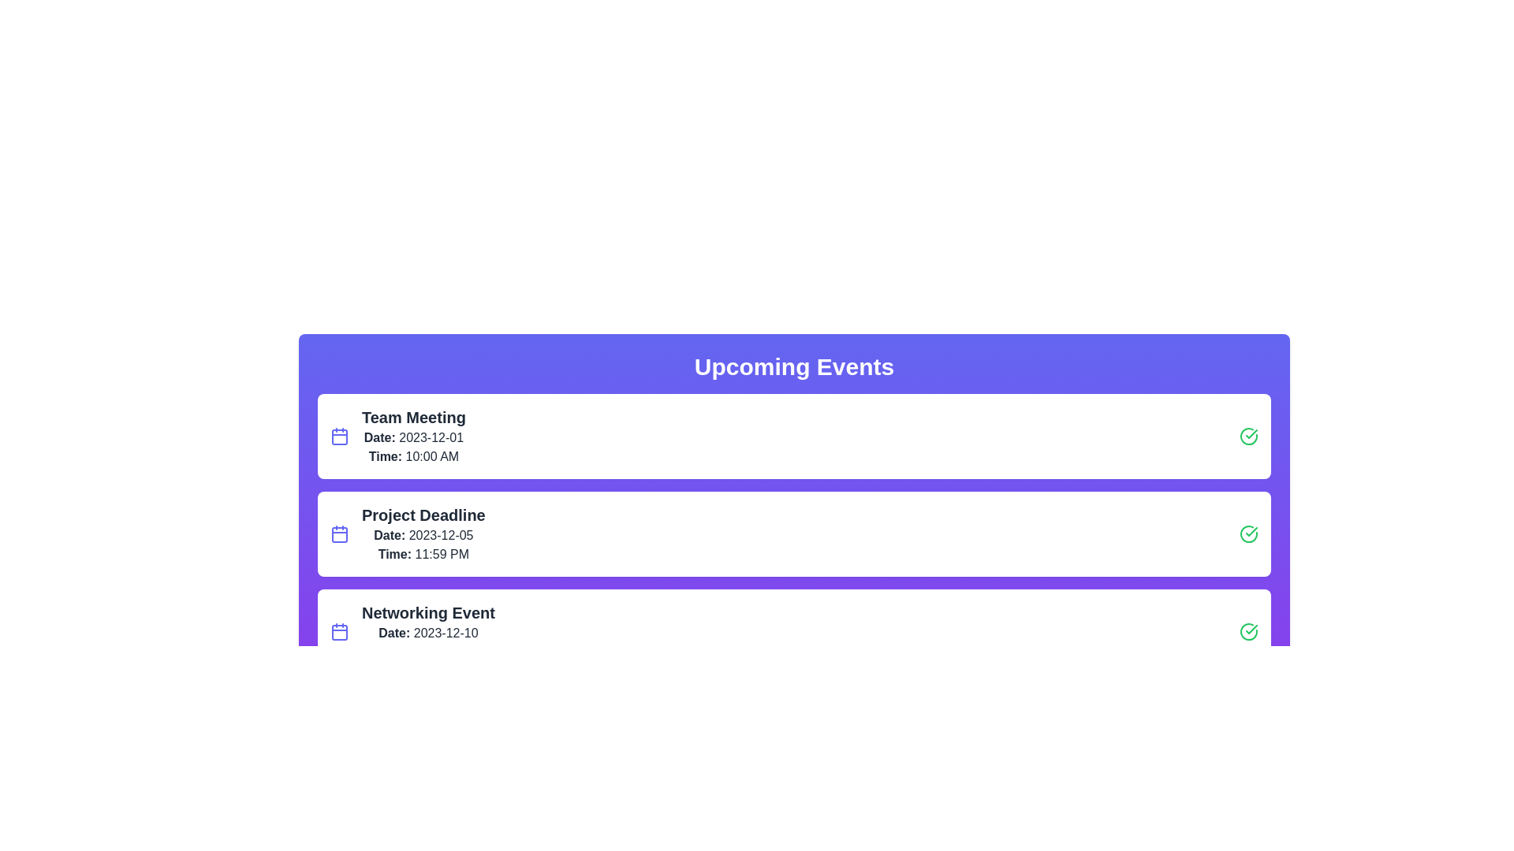  What do you see at coordinates (394, 632) in the screenshot?
I see `the text label indicating the date for the event, located to the left of '2023-12-10' in the Upcoming Events list` at bounding box center [394, 632].